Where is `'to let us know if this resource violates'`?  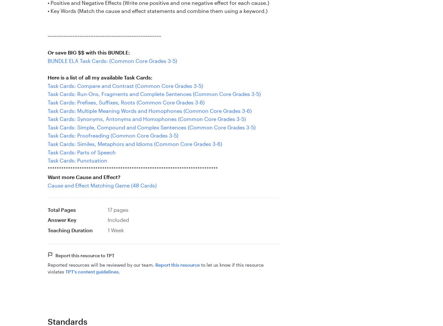 'to let us know if this resource violates' is located at coordinates (156, 268).